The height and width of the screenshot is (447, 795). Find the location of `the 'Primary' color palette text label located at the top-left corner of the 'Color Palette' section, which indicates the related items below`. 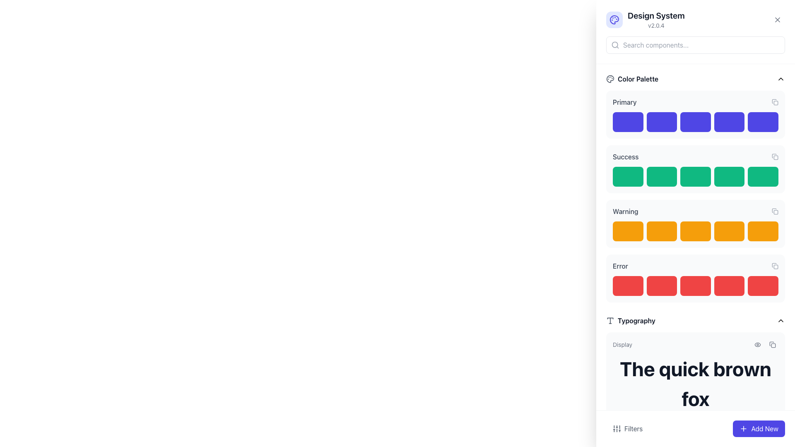

the 'Primary' color palette text label located at the top-left corner of the 'Color Palette' section, which indicates the related items below is located at coordinates (624, 101).